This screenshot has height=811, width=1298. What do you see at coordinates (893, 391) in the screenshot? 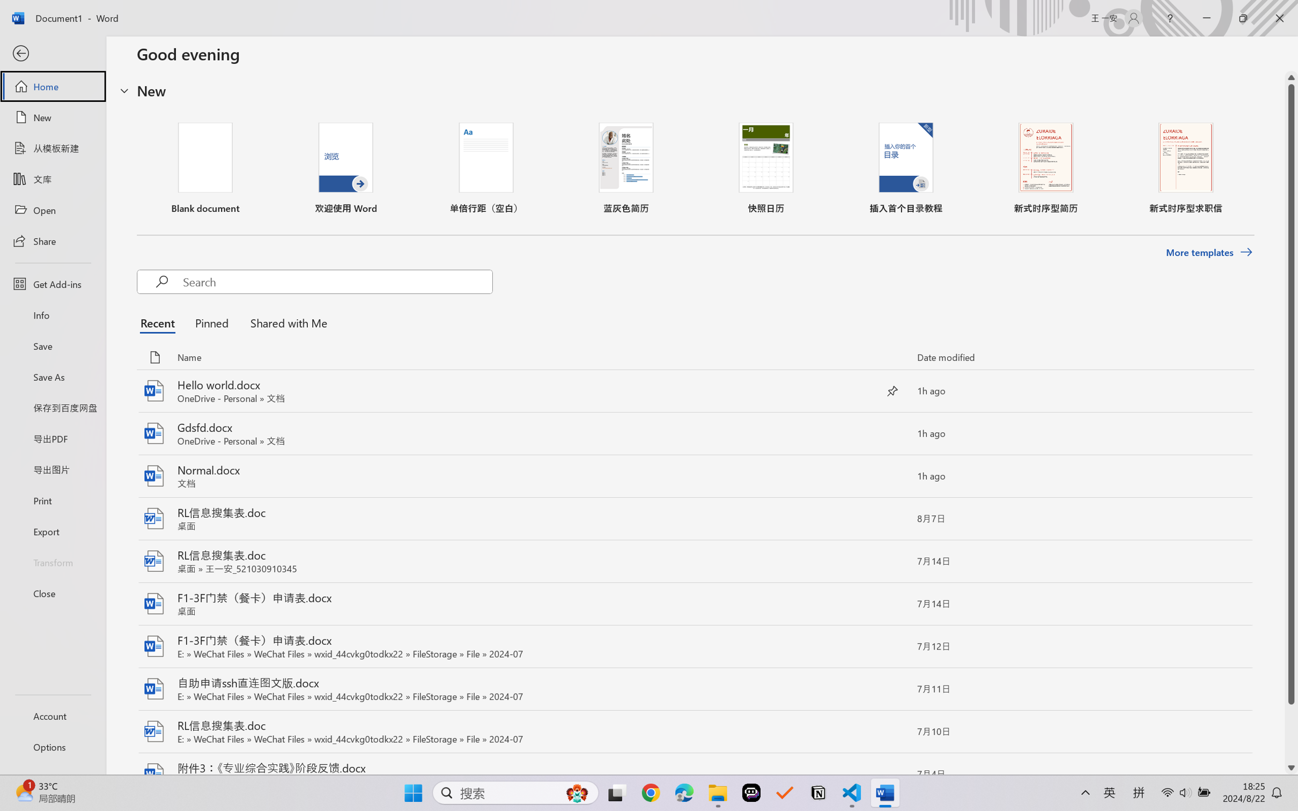
I see `'Unpin this item from the list'` at bounding box center [893, 391].